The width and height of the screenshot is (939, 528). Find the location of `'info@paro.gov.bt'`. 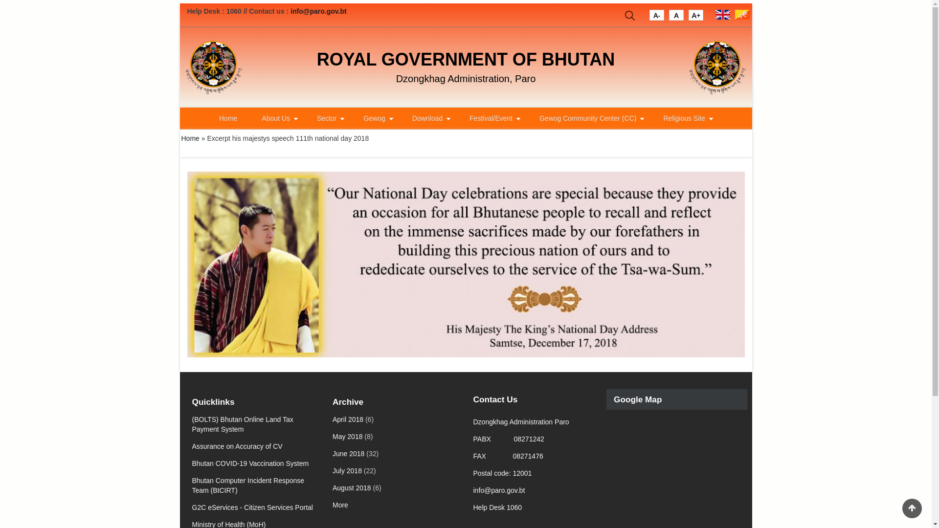

'info@paro.gov.bt' is located at coordinates (318, 11).